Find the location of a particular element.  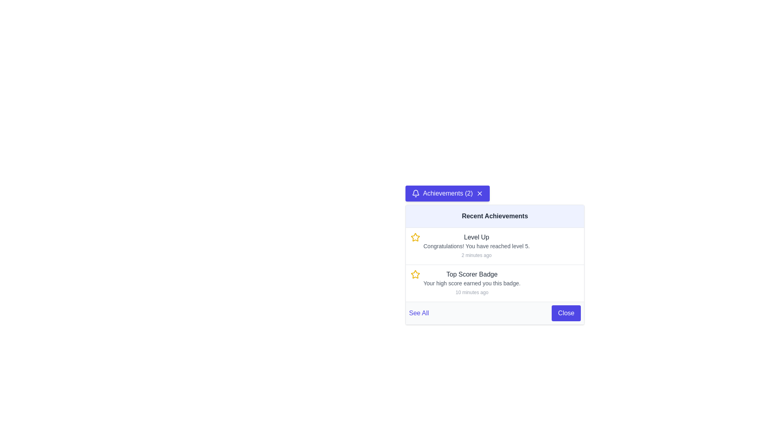

information displayed in the first notification item about a recent achievement related to leveling up, which is positioned above the 'Top Scorer Badge' notification in the vertically stacked notification list is located at coordinates (494, 246).